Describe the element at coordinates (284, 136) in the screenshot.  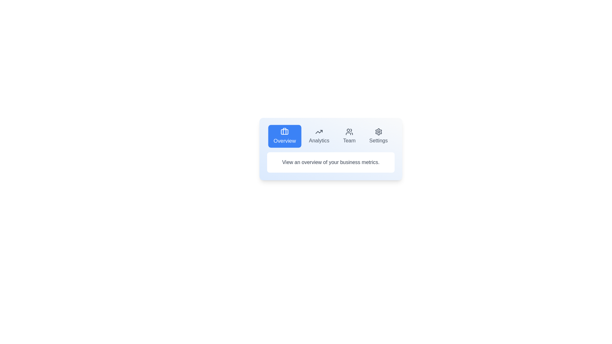
I see `the Overview tab by clicking on its button` at that location.